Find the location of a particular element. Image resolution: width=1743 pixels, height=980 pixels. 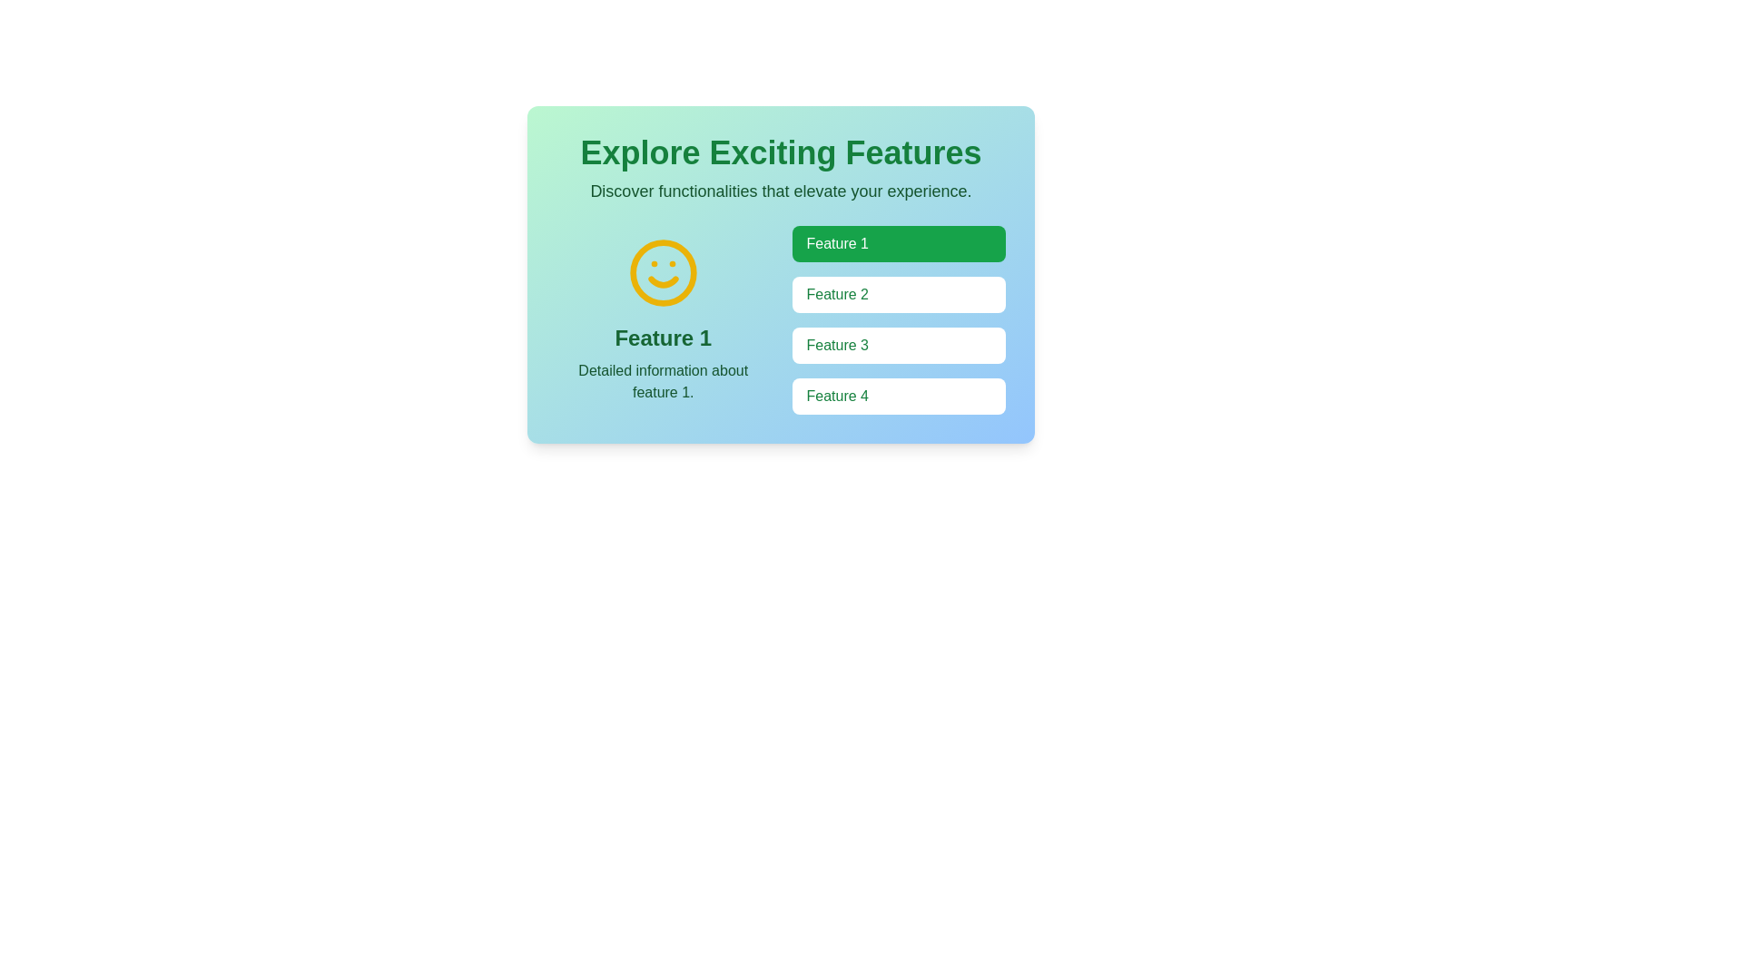

the second button in a vertical sequence of four buttons, located beneath the 'Feature 1' button and above the 'Feature 3' button, on the right side of a card layout is located at coordinates (899, 293).